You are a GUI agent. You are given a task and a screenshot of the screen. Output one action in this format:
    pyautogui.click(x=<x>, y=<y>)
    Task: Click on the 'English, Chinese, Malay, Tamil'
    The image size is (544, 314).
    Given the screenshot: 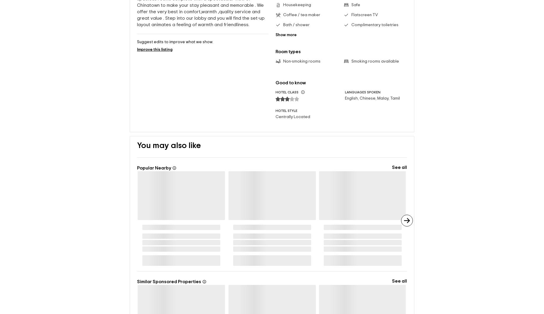 What is the action you would take?
    pyautogui.click(x=344, y=98)
    